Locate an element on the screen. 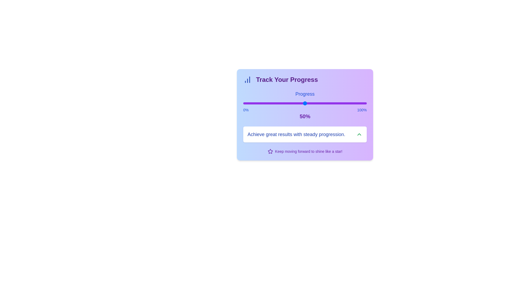 This screenshot has width=511, height=287. the progress value is located at coordinates (322, 103).